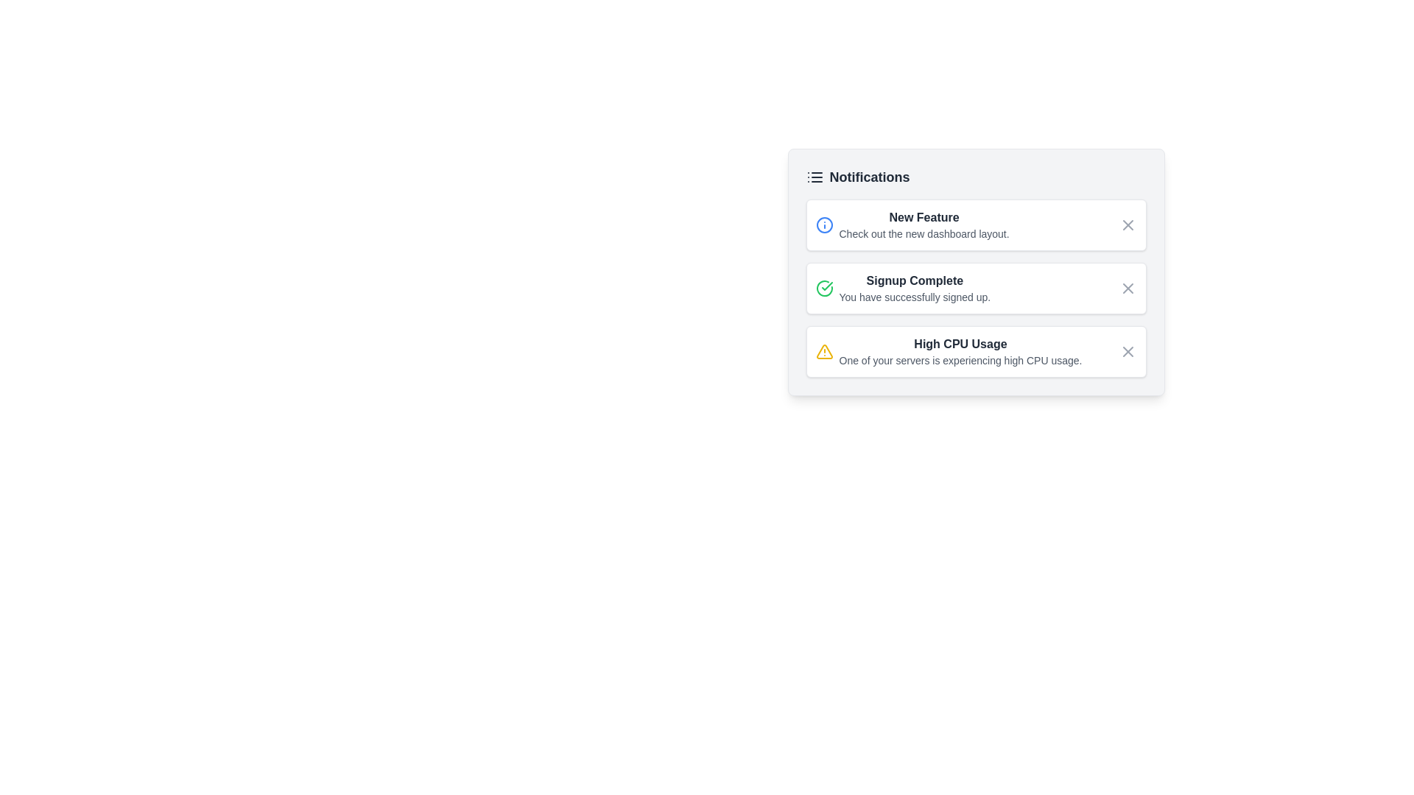  I want to click on the button, so click(1127, 352).